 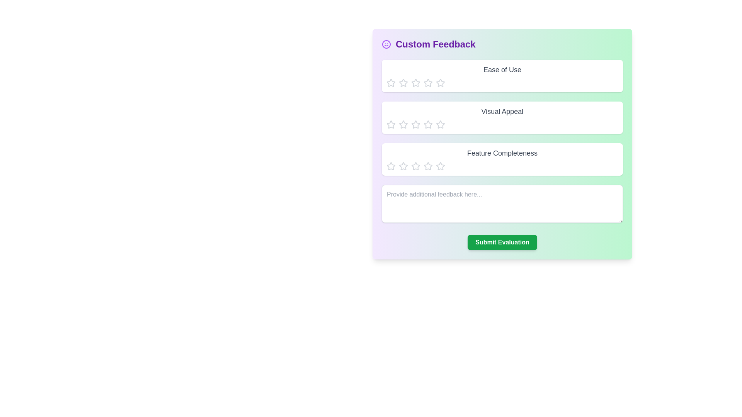 What do you see at coordinates (428, 83) in the screenshot?
I see `the element Ease of Use Star 4 to observe its hover effect` at bounding box center [428, 83].